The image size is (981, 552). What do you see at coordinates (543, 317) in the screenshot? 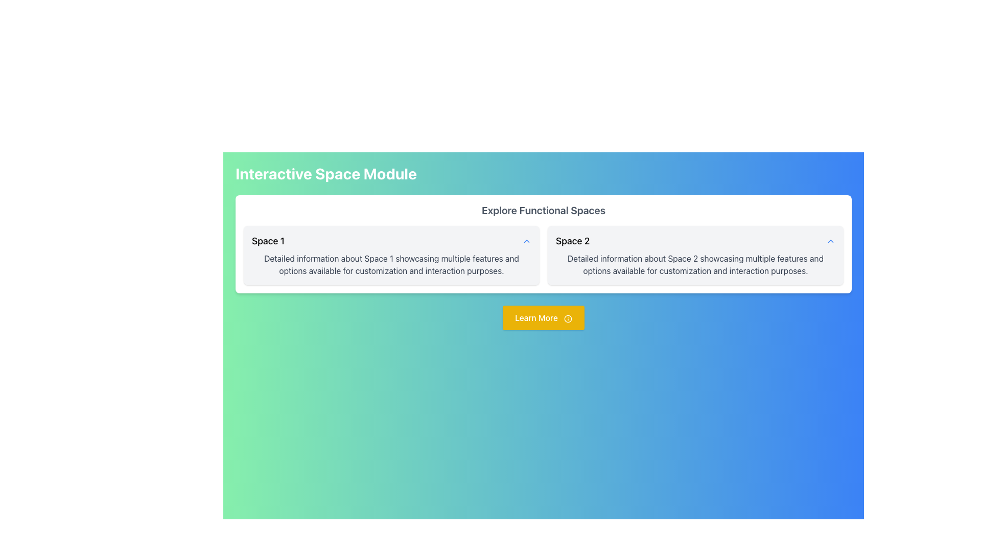
I see `the 'Learn More' button, which has a yellow background, white text, and rounded borders, located below the section for 'Space 1' and 'Space 2'` at bounding box center [543, 317].